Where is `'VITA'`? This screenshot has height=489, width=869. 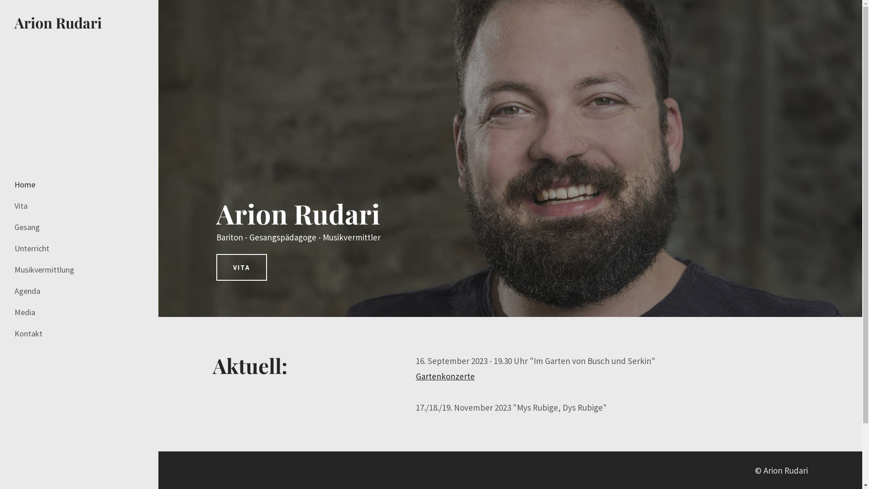
'VITA' is located at coordinates (241, 267).